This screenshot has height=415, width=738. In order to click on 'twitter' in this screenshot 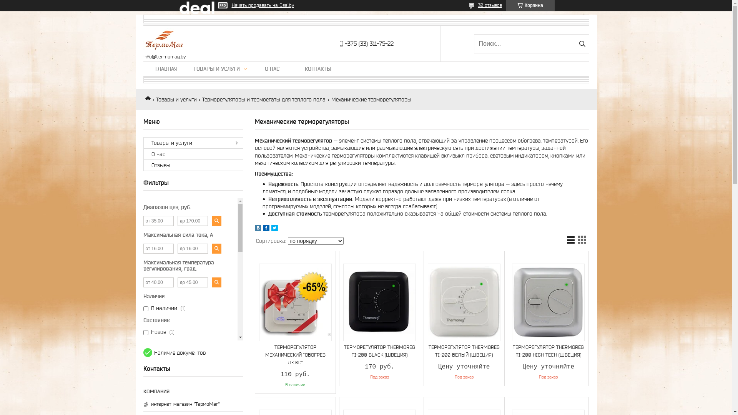, I will do `click(274, 229)`.